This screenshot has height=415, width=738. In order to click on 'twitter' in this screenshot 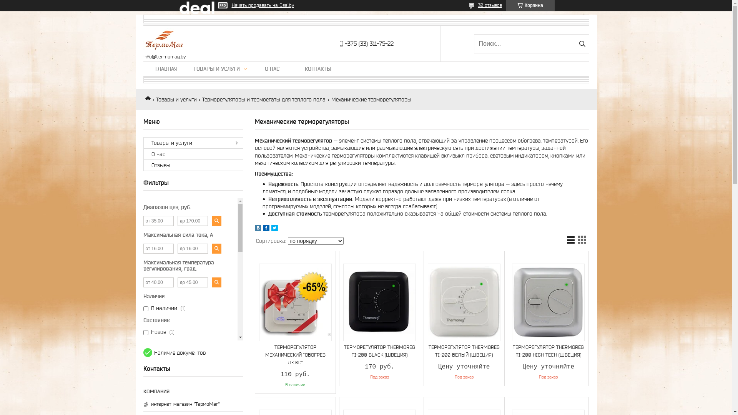, I will do `click(274, 229)`.